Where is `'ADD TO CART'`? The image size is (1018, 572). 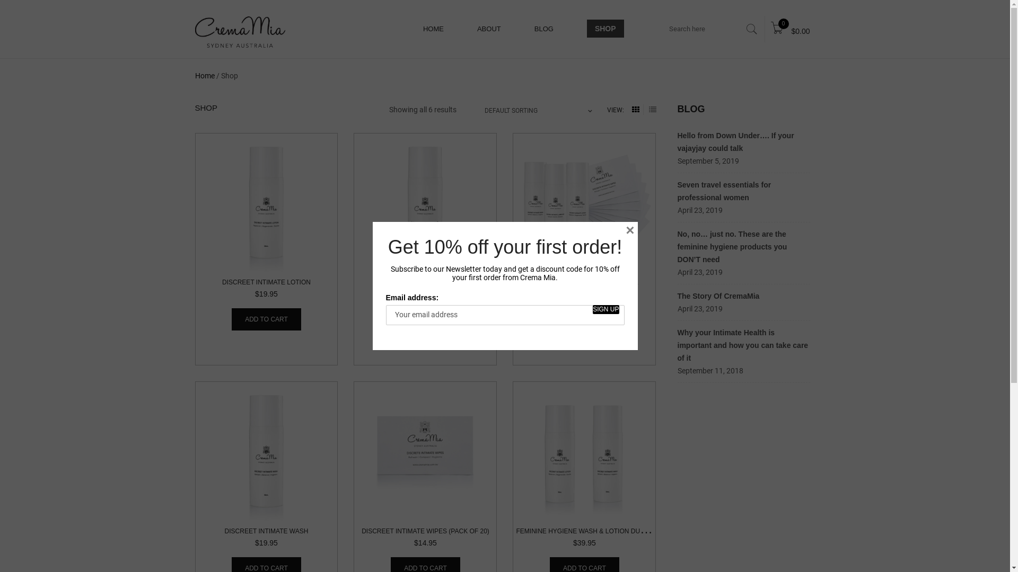
'ADD TO CART' is located at coordinates (266, 318).